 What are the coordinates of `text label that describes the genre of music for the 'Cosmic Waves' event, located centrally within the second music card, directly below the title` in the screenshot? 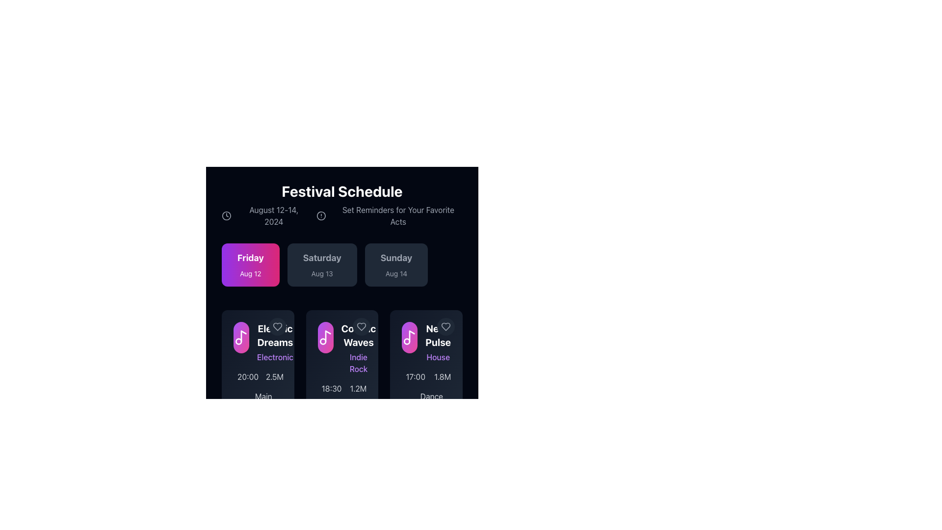 It's located at (358, 363).